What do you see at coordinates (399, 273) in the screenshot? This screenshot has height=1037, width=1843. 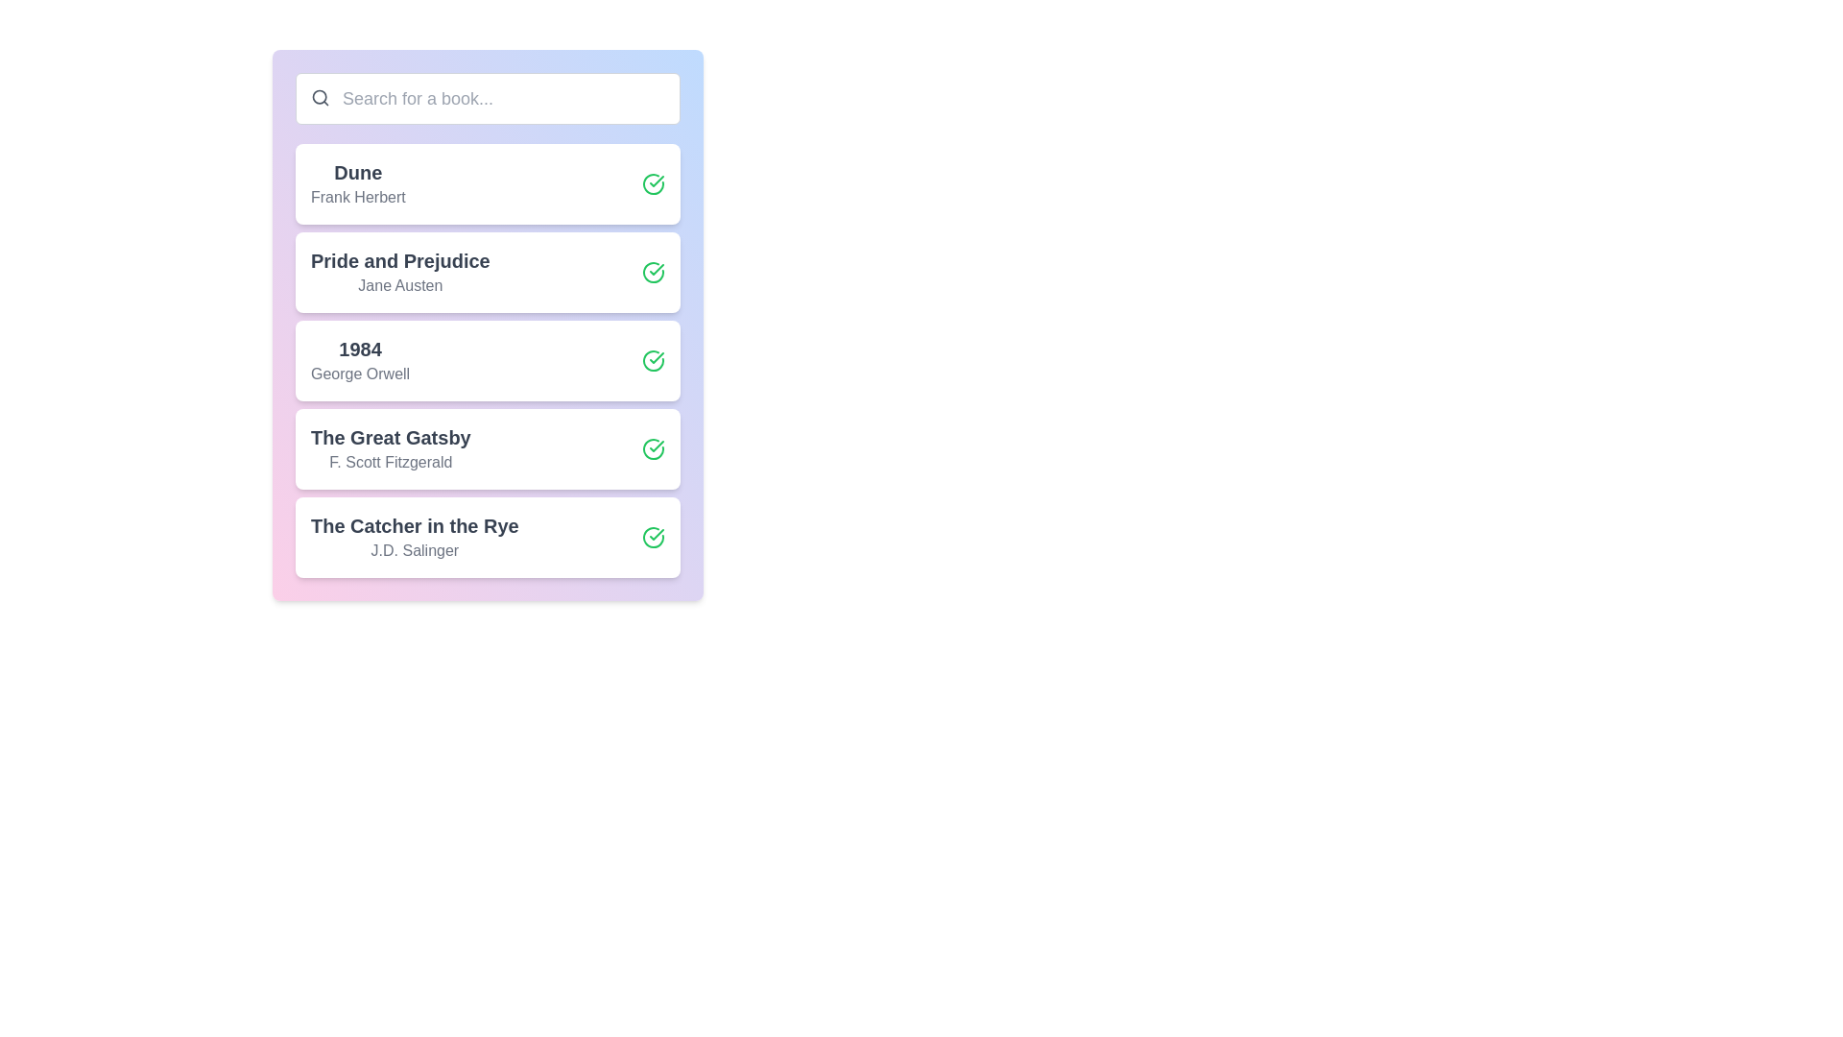 I see `the text label representing the book entry that follows 'Dune' and precedes '1984'` at bounding box center [399, 273].